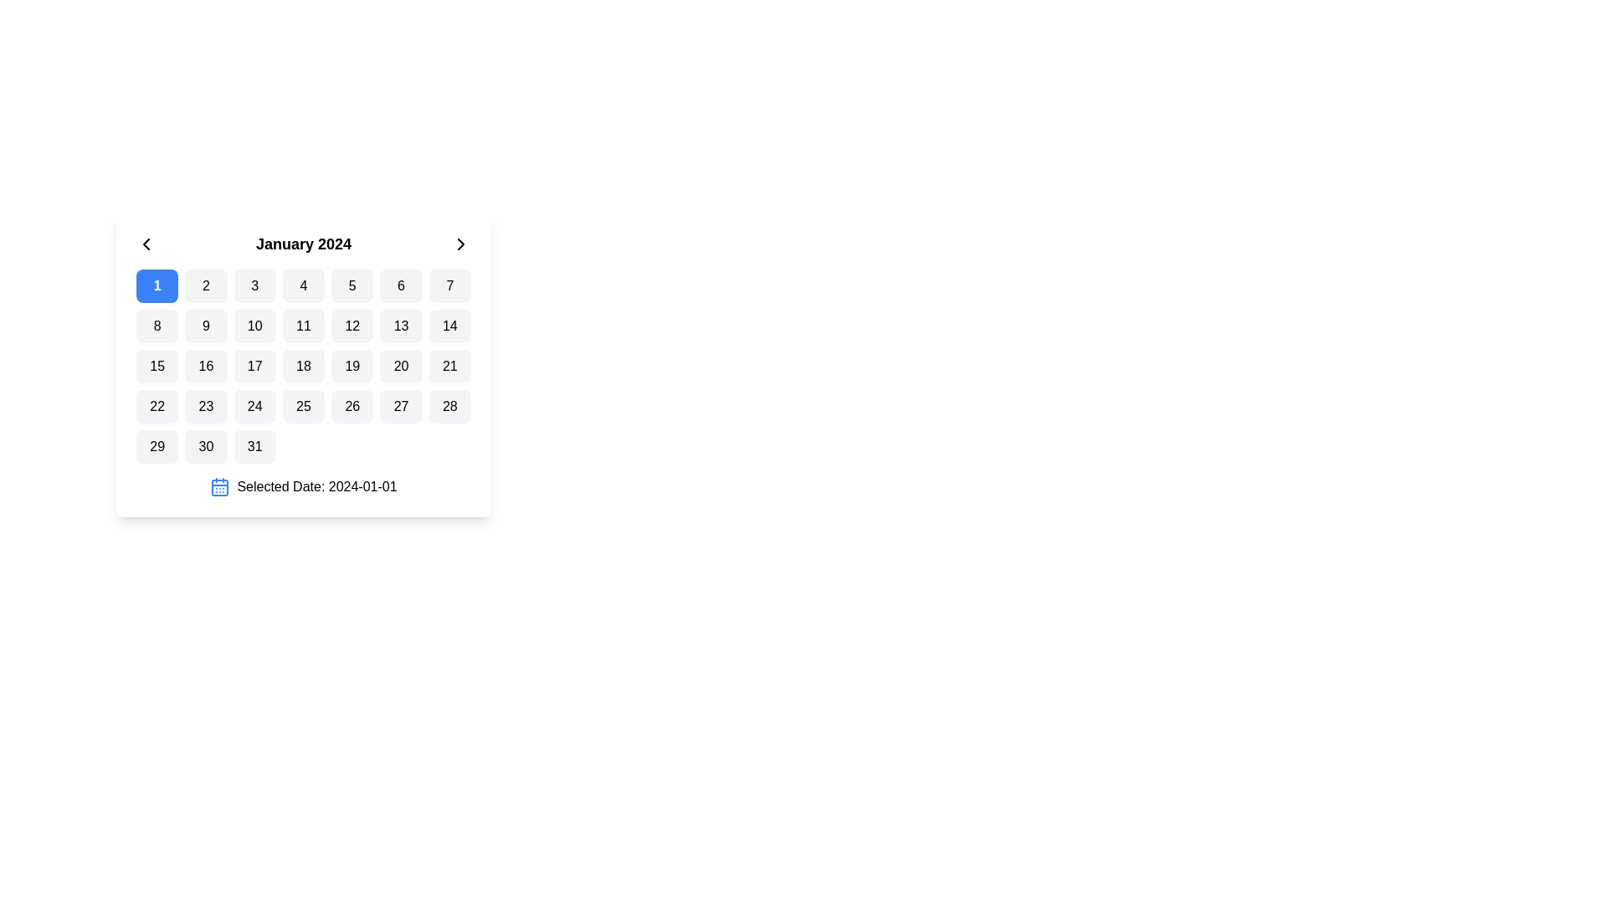 The width and height of the screenshot is (1607, 904). Describe the element at coordinates (146, 244) in the screenshot. I see `the left arrow button` at that location.